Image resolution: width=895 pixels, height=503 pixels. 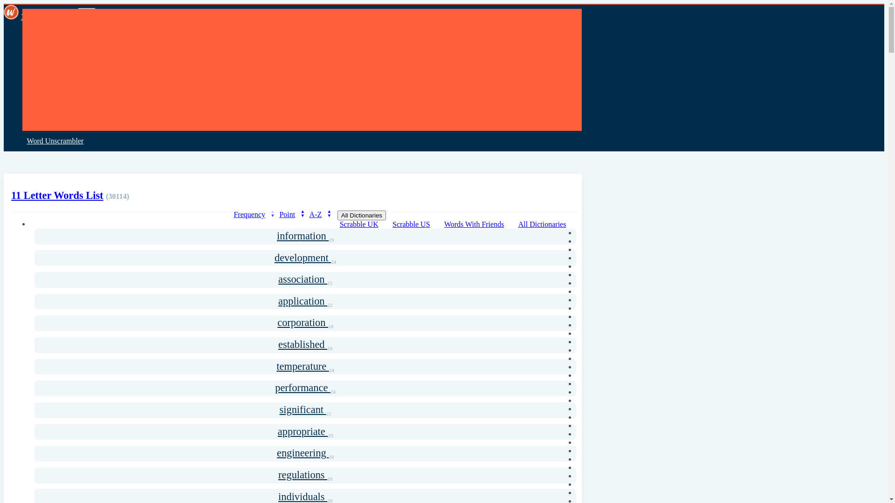 What do you see at coordinates (416, 224) in the screenshot?
I see `'Scrabble US'` at bounding box center [416, 224].